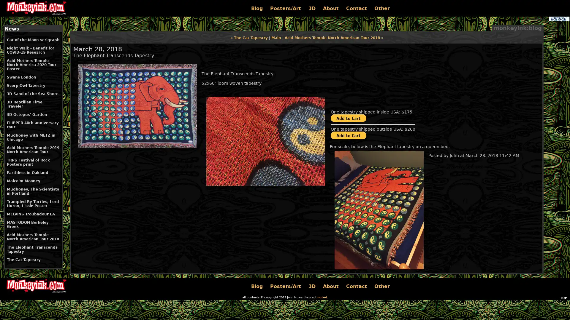 This screenshot has height=320, width=570. I want to click on PayPal - The safer, easier way to pay online!, so click(349, 118).